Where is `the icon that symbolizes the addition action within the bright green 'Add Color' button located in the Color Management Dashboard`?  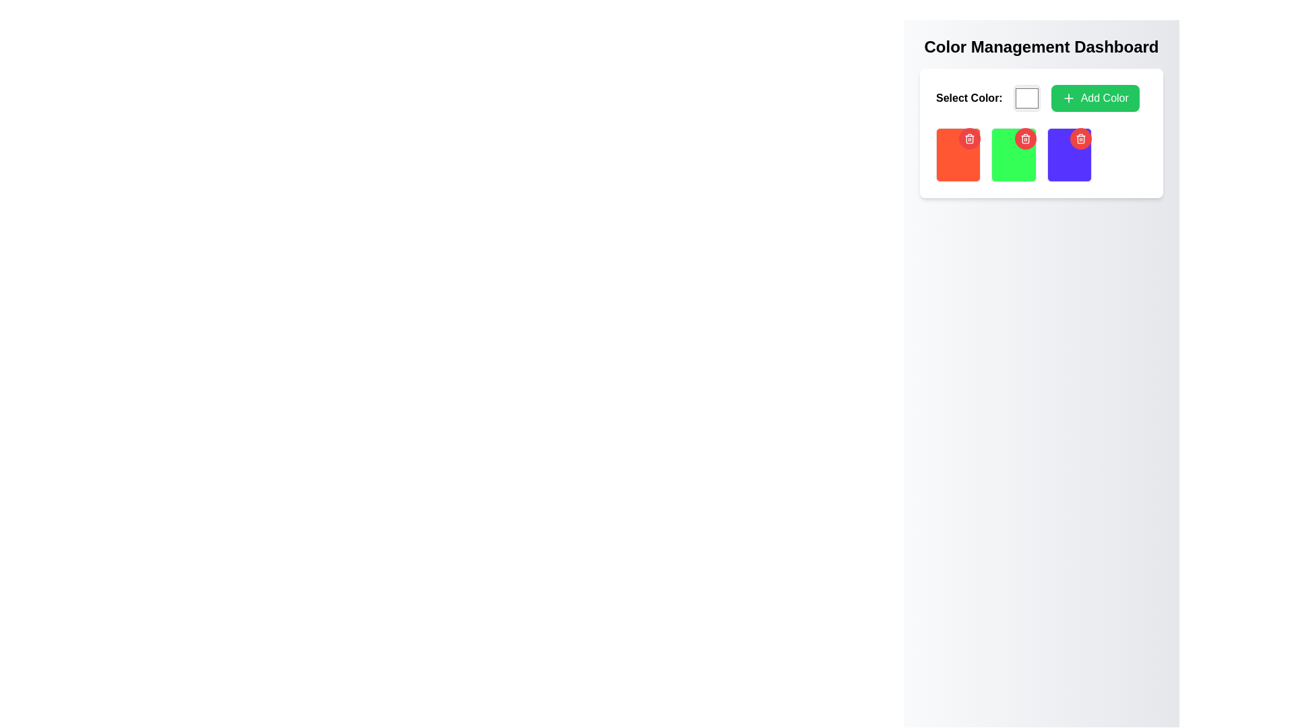
the icon that symbolizes the addition action within the bright green 'Add Color' button located in the Color Management Dashboard is located at coordinates (1068, 98).